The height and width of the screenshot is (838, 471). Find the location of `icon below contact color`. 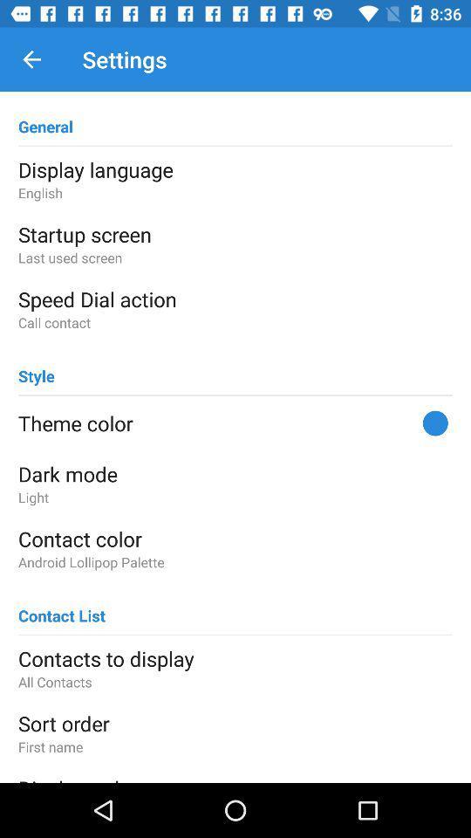

icon below contact color is located at coordinates (235, 561).